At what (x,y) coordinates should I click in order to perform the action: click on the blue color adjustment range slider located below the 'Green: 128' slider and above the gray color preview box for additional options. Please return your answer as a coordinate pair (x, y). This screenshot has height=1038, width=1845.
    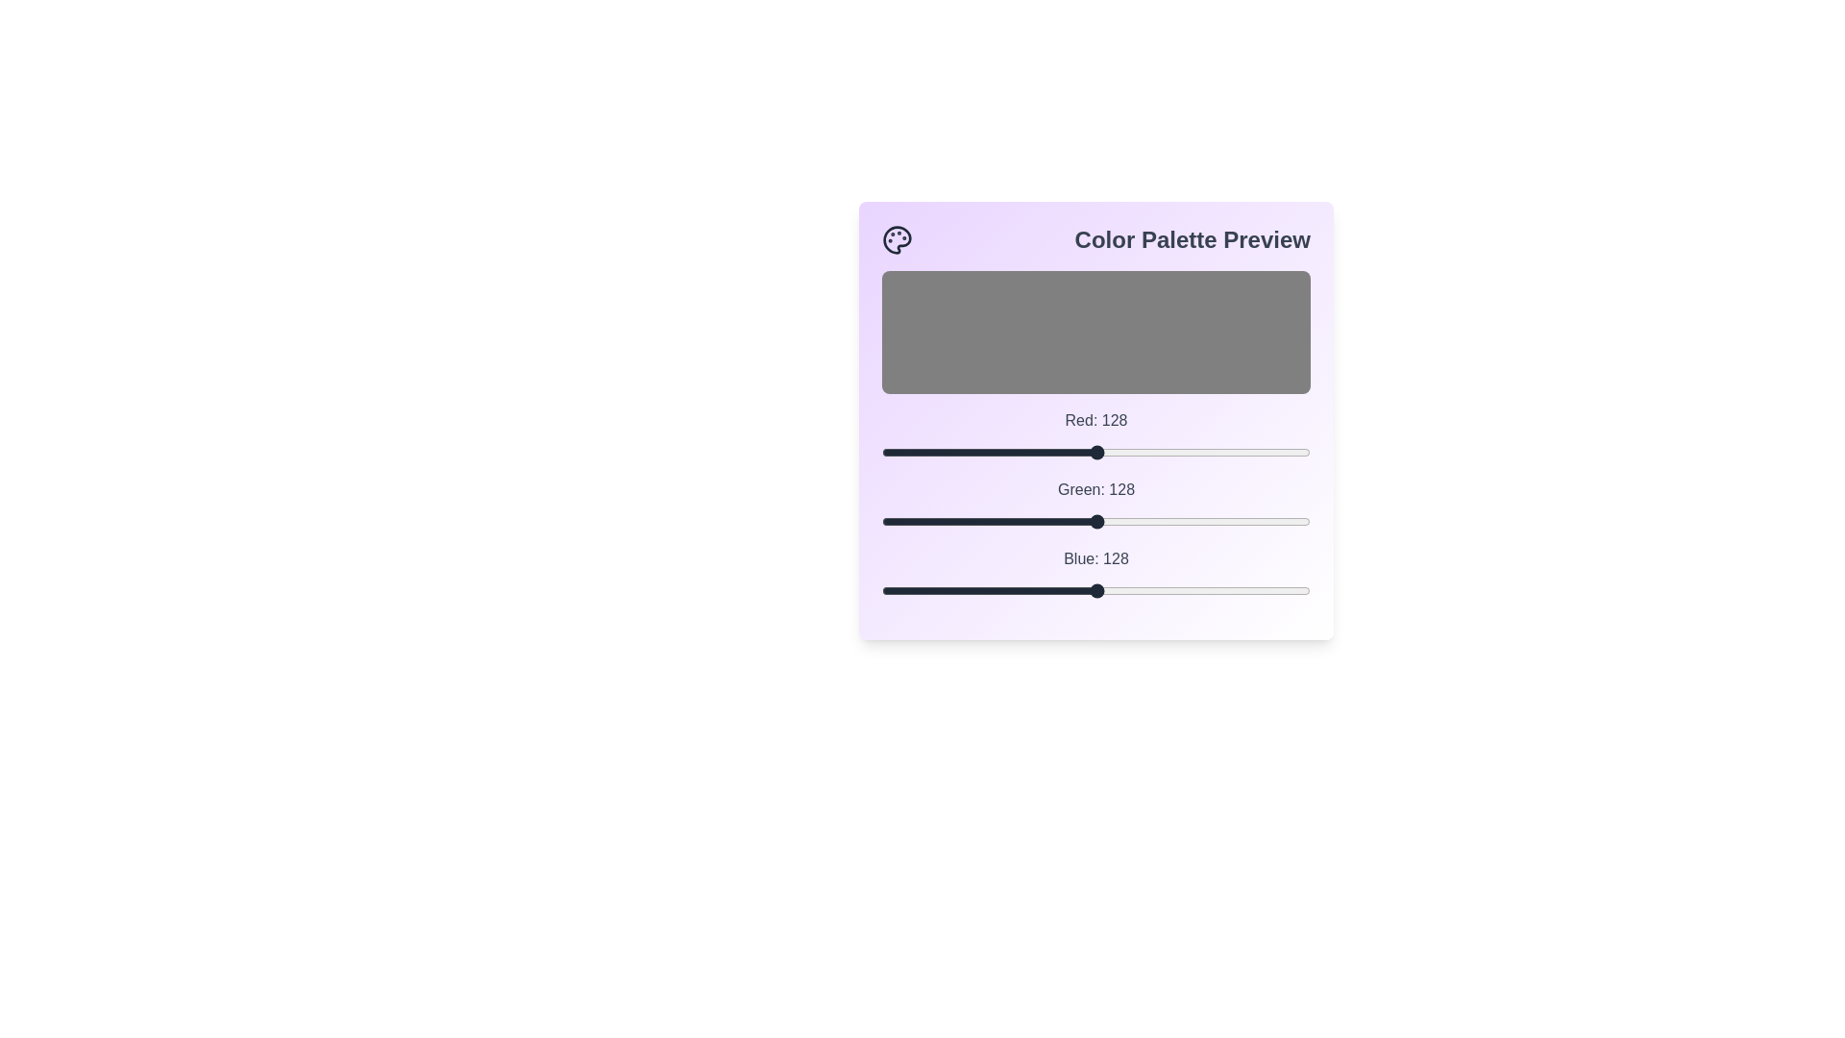
    Looking at the image, I should click on (1096, 589).